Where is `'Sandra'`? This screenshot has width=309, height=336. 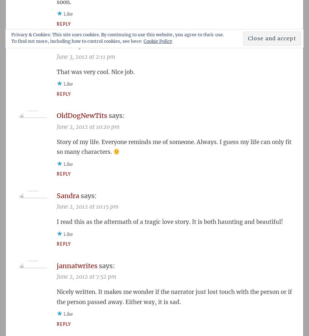
'Sandra' is located at coordinates (68, 195).